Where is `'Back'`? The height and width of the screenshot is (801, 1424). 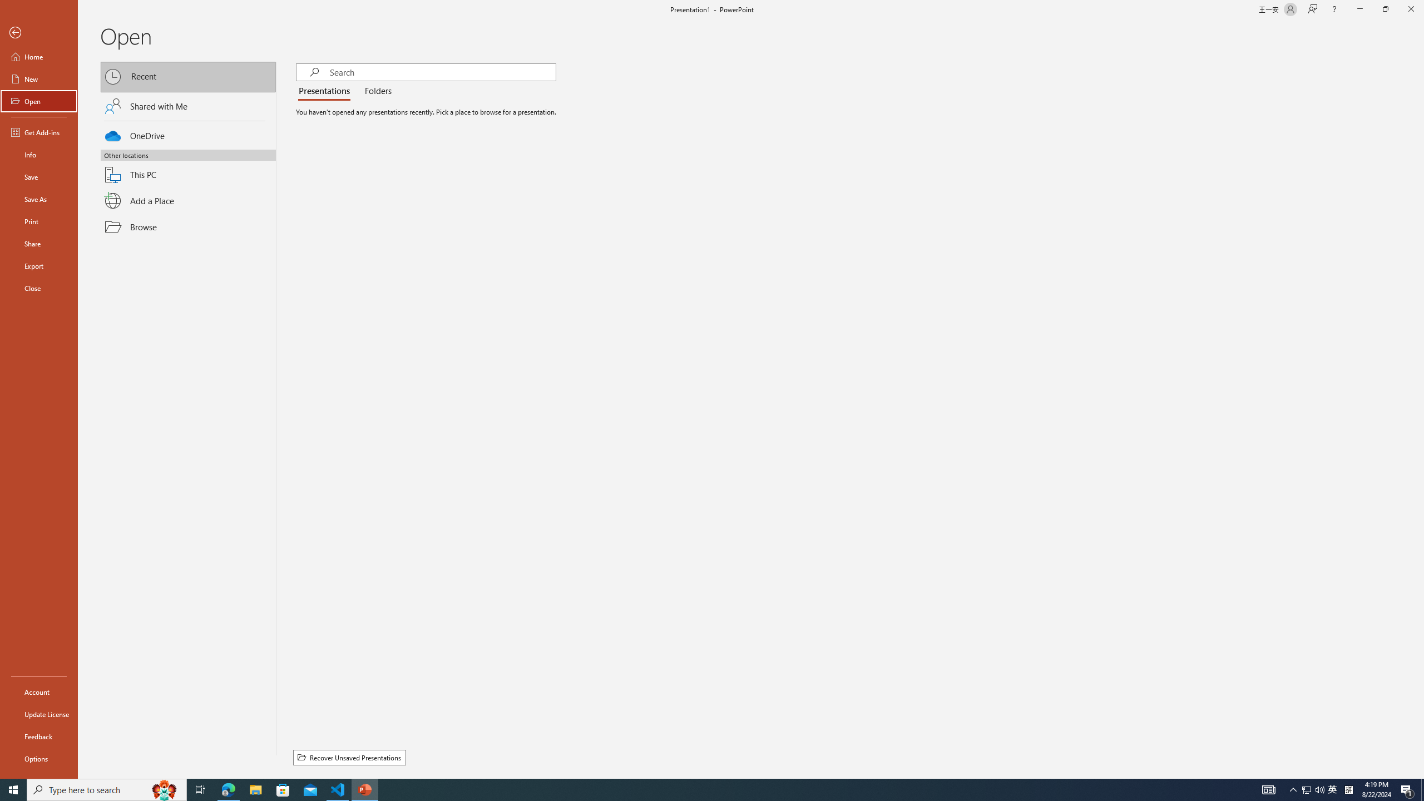
'Back' is located at coordinates (38, 32).